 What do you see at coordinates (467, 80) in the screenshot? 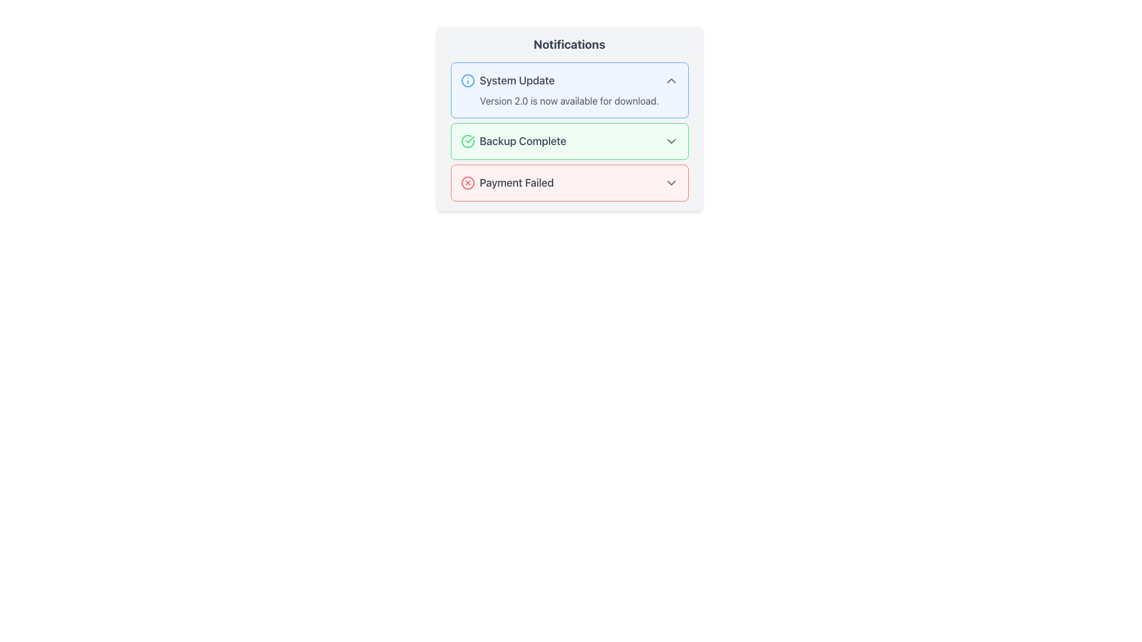
I see `the decorative or status indicator icon associated with the 'System Update' notification, located to the left of the 'System Update' text in the first notification card` at bounding box center [467, 80].